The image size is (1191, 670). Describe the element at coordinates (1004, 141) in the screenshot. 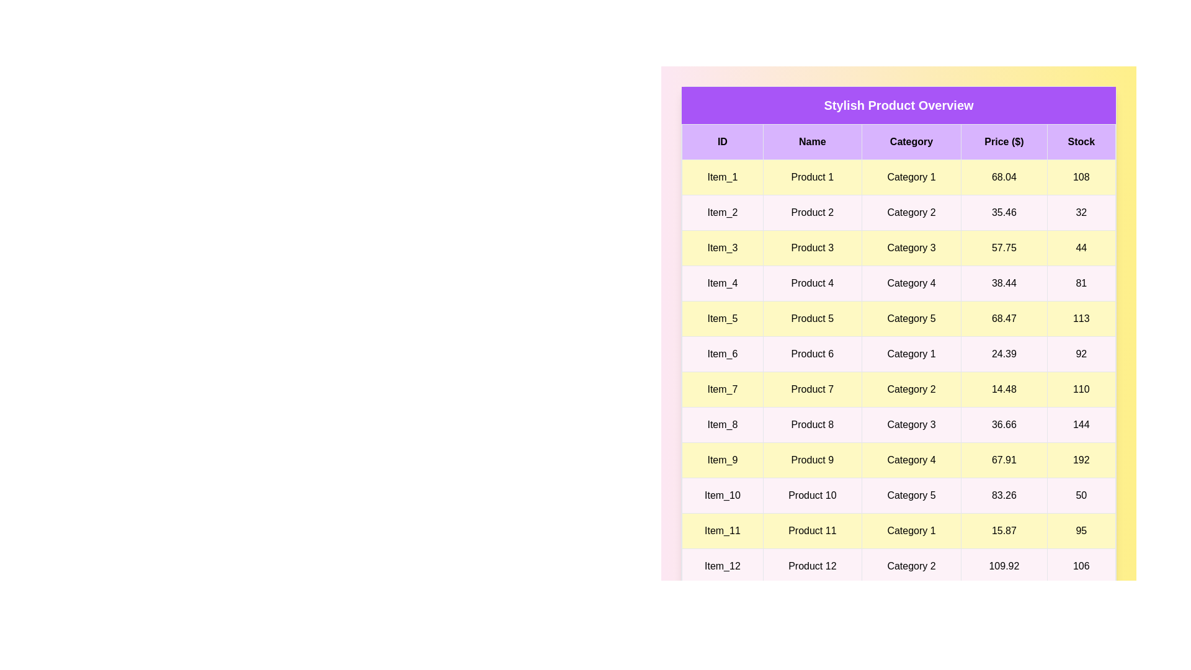

I see `the column header Price ($) to sort the table by that column` at that location.